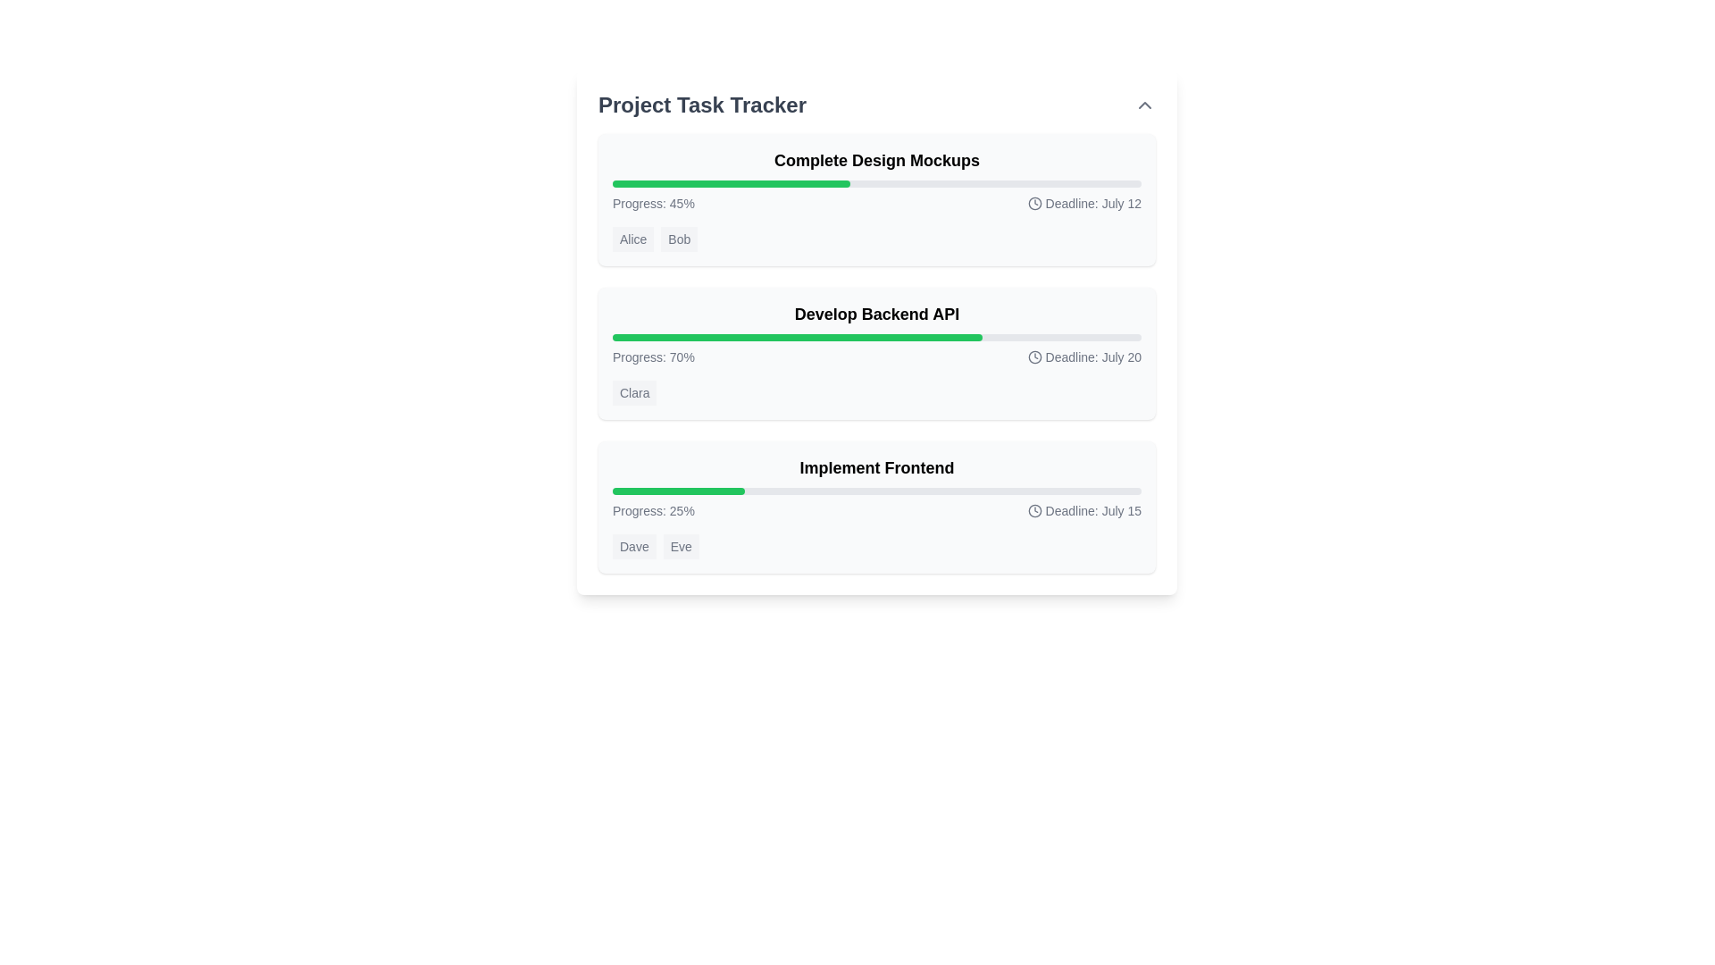 The width and height of the screenshot is (1715, 965). What do you see at coordinates (701, 105) in the screenshot?
I see `the title text label that serves as the main context indicator of the page, positioned at the top-left of the interface` at bounding box center [701, 105].